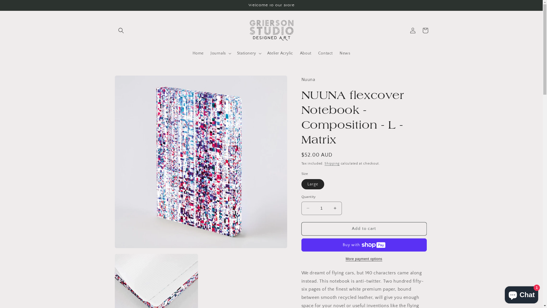  What do you see at coordinates (264, 53) in the screenshot?
I see `'Atelier Acrylic'` at bounding box center [264, 53].